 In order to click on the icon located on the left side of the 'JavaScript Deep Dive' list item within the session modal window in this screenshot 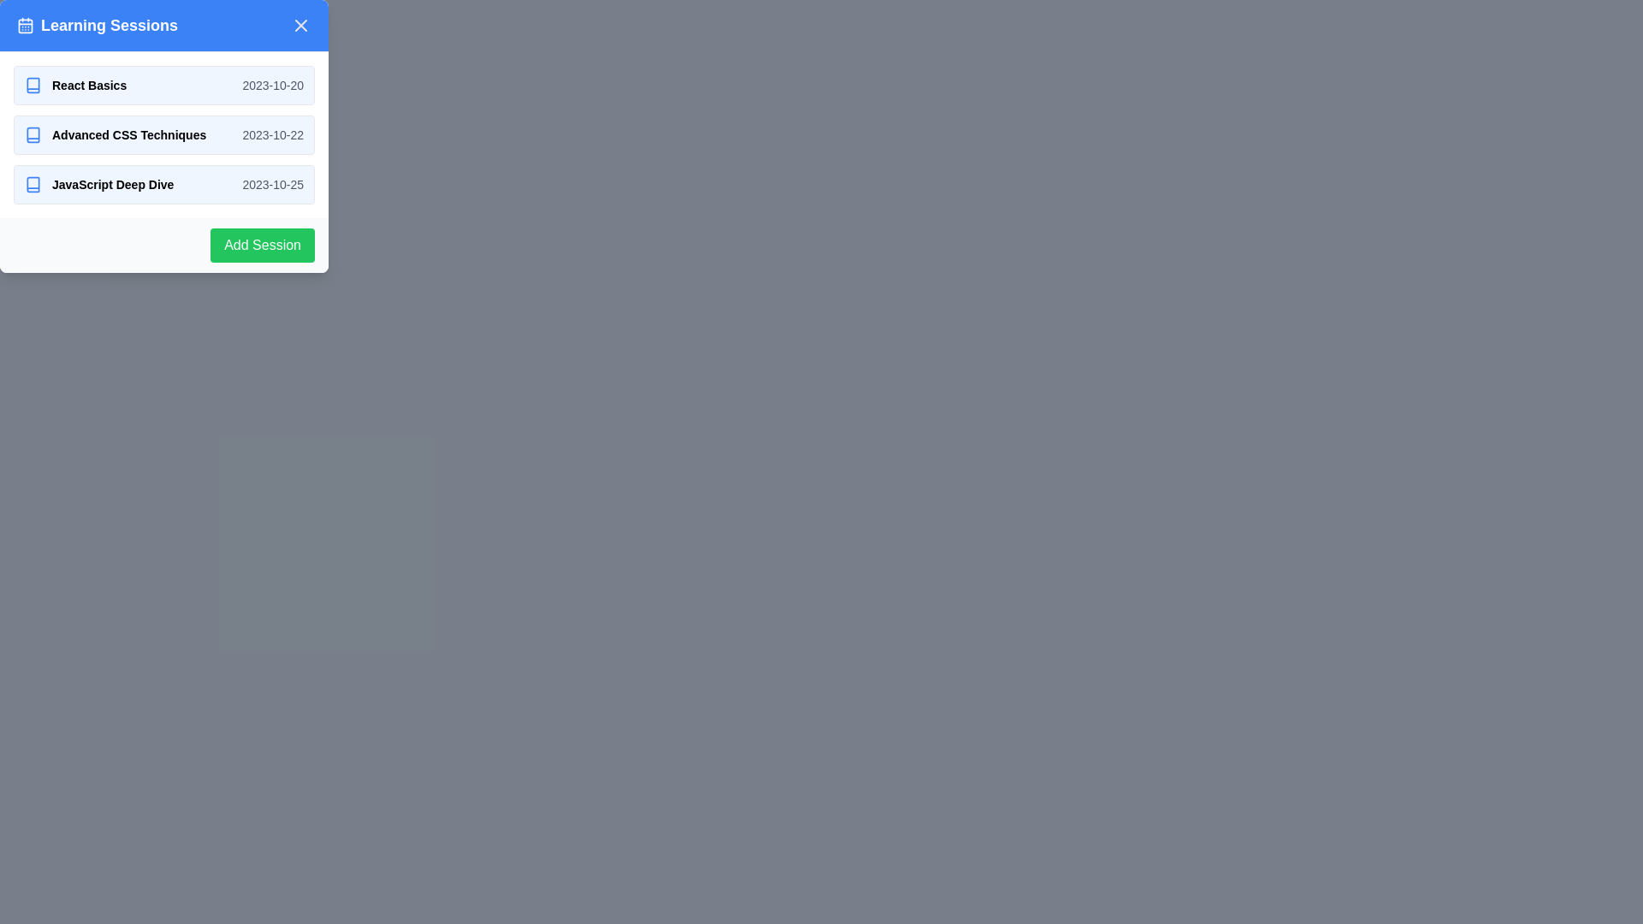, I will do `click(33, 185)`.